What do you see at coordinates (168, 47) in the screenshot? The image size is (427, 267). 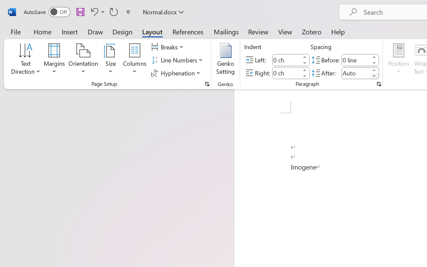 I see `'Breaks'` at bounding box center [168, 47].